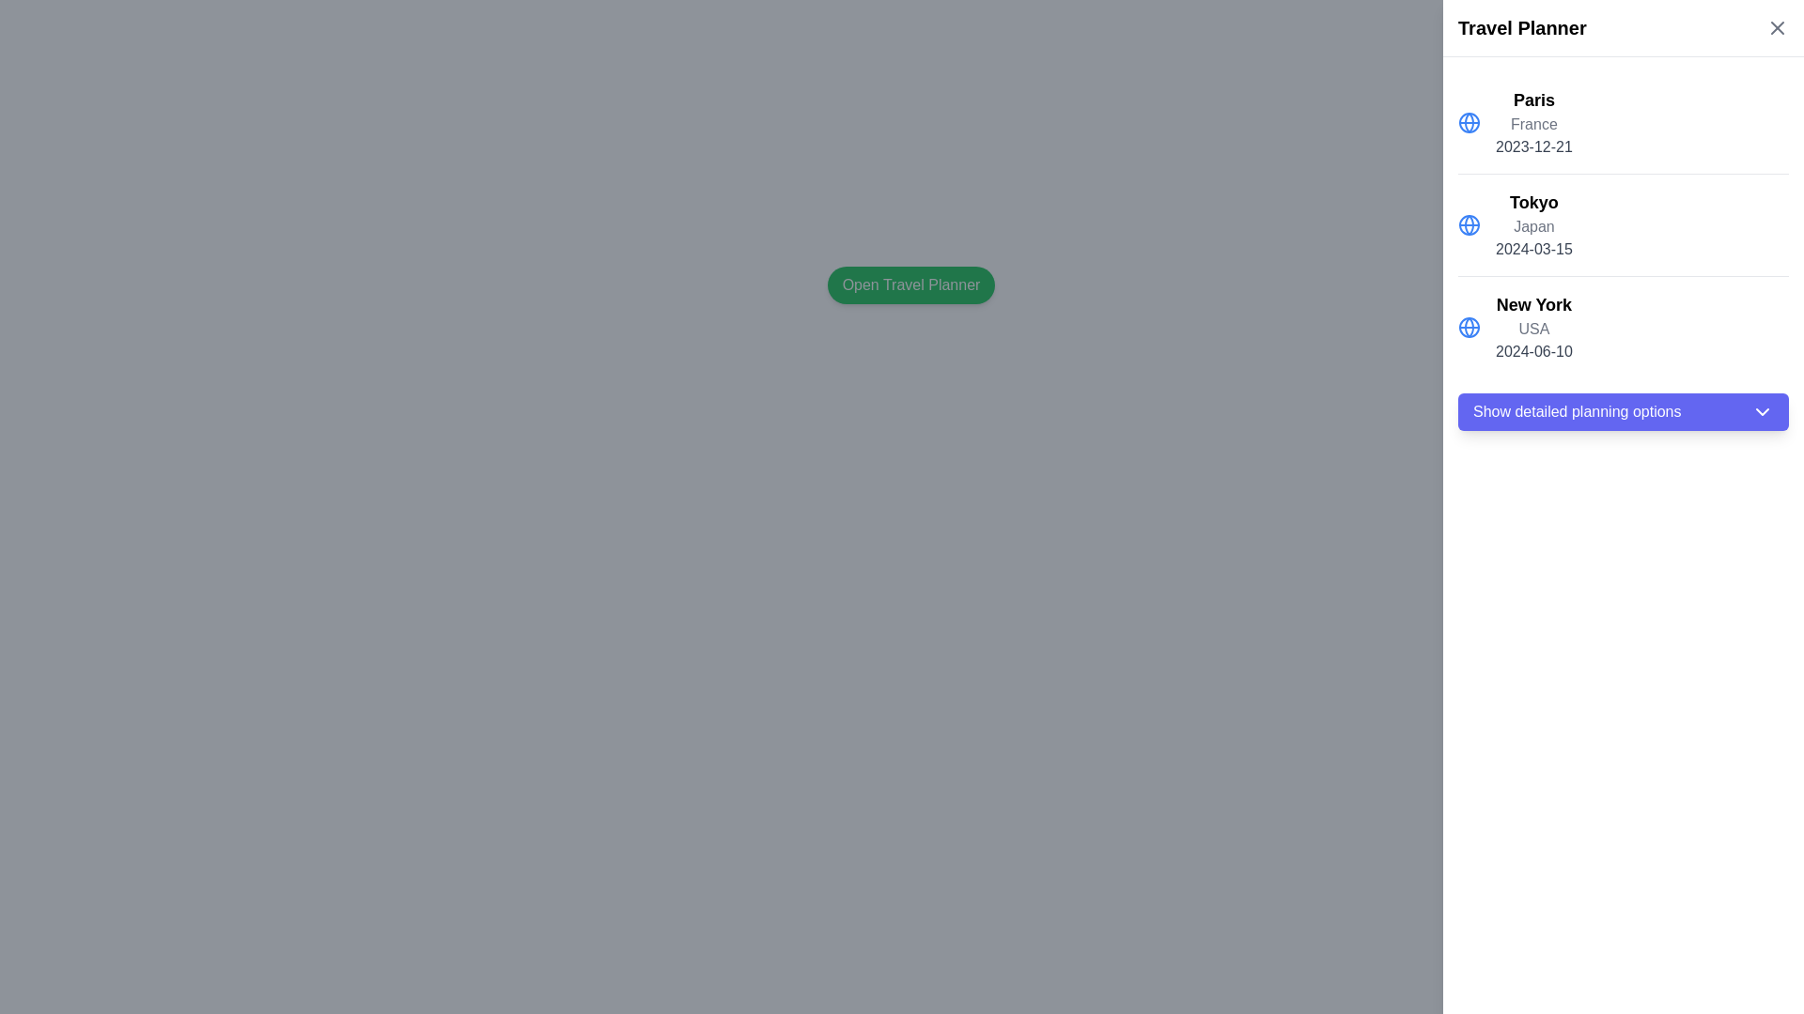 The height and width of the screenshot is (1014, 1804). Describe the element at coordinates (1533, 124) in the screenshot. I see `the static text label indicating the country associated with the city displayed above it, which is located in the travel planning section on the right side of the interface` at that location.